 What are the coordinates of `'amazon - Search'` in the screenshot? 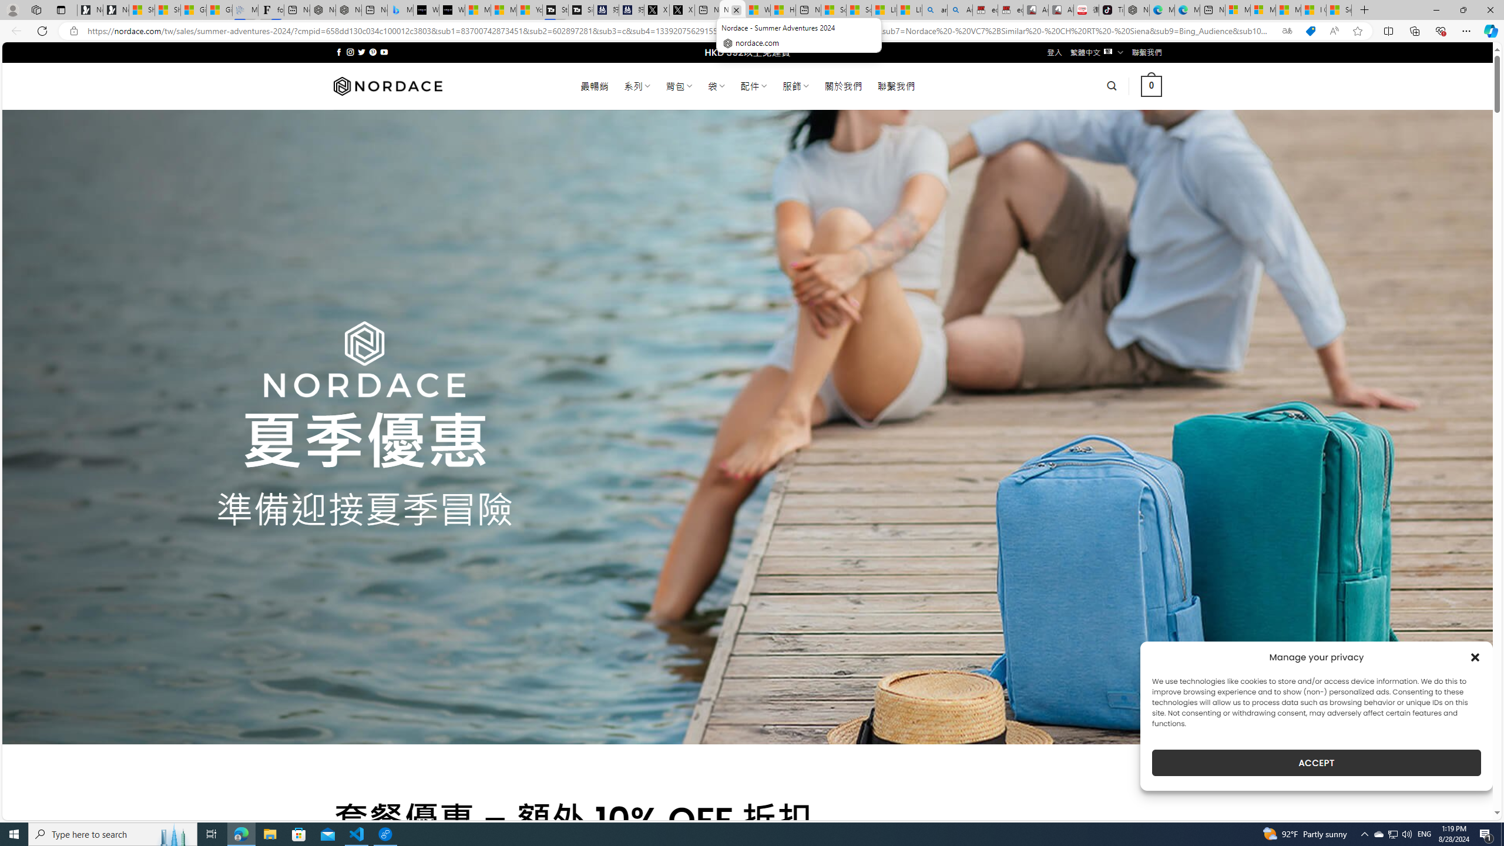 It's located at (934, 9).